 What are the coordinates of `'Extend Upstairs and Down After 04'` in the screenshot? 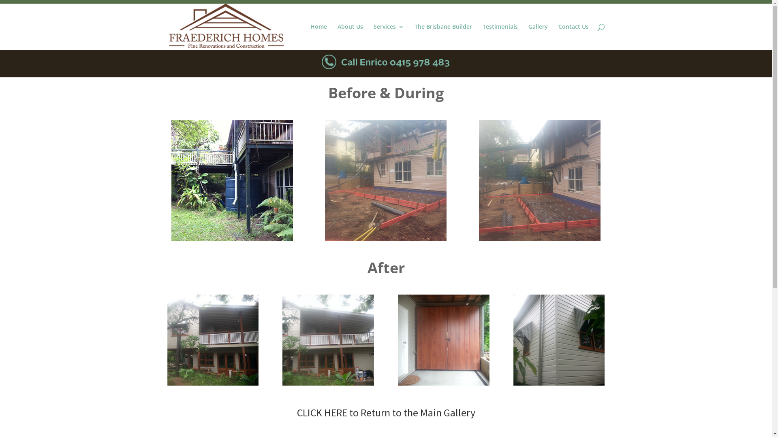 It's located at (558, 340).